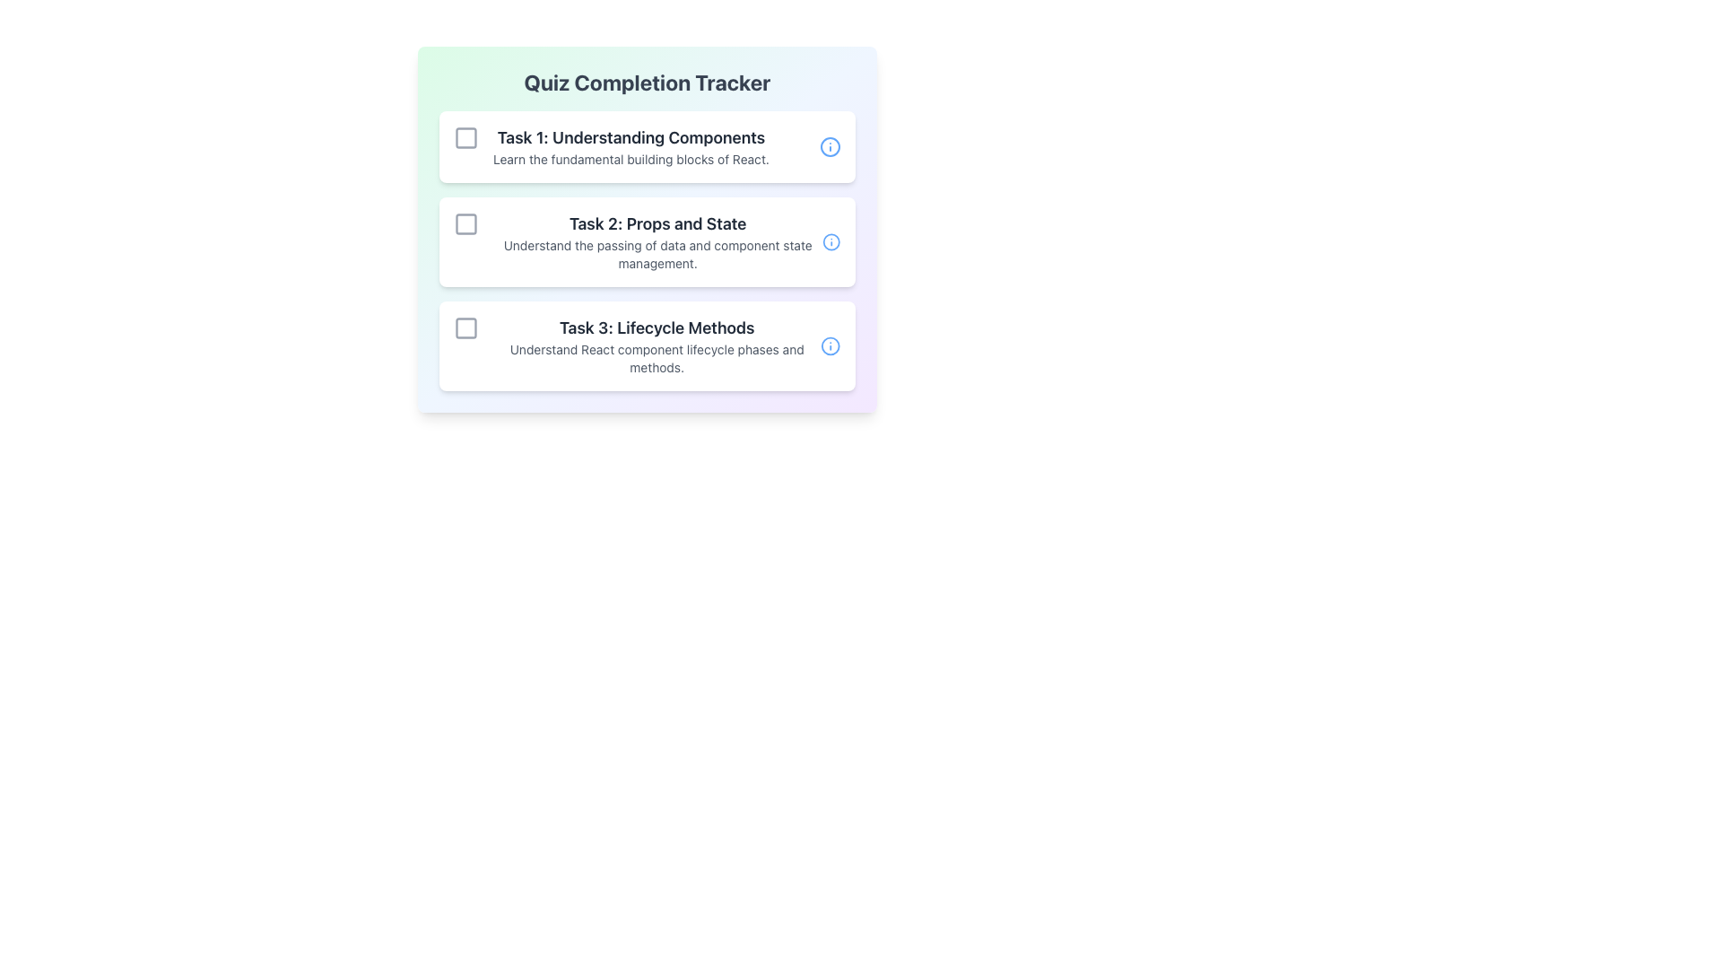 The image size is (1722, 969). I want to click on the checkbox for 'Task 3: Lifecycle Methods', so click(465, 328).